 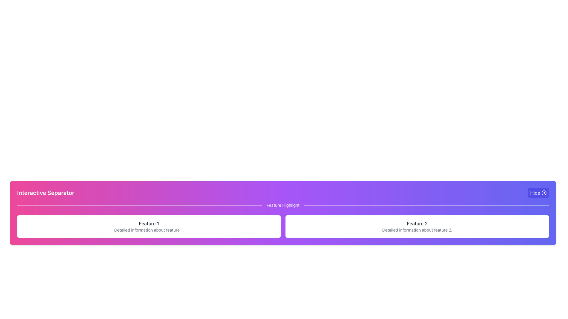 What do you see at coordinates (544, 193) in the screenshot?
I see `the circular element of the right-facing arrow icon located at the far right of the purple header bar labeled 'Interactive Separator'` at bounding box center [544, 193].